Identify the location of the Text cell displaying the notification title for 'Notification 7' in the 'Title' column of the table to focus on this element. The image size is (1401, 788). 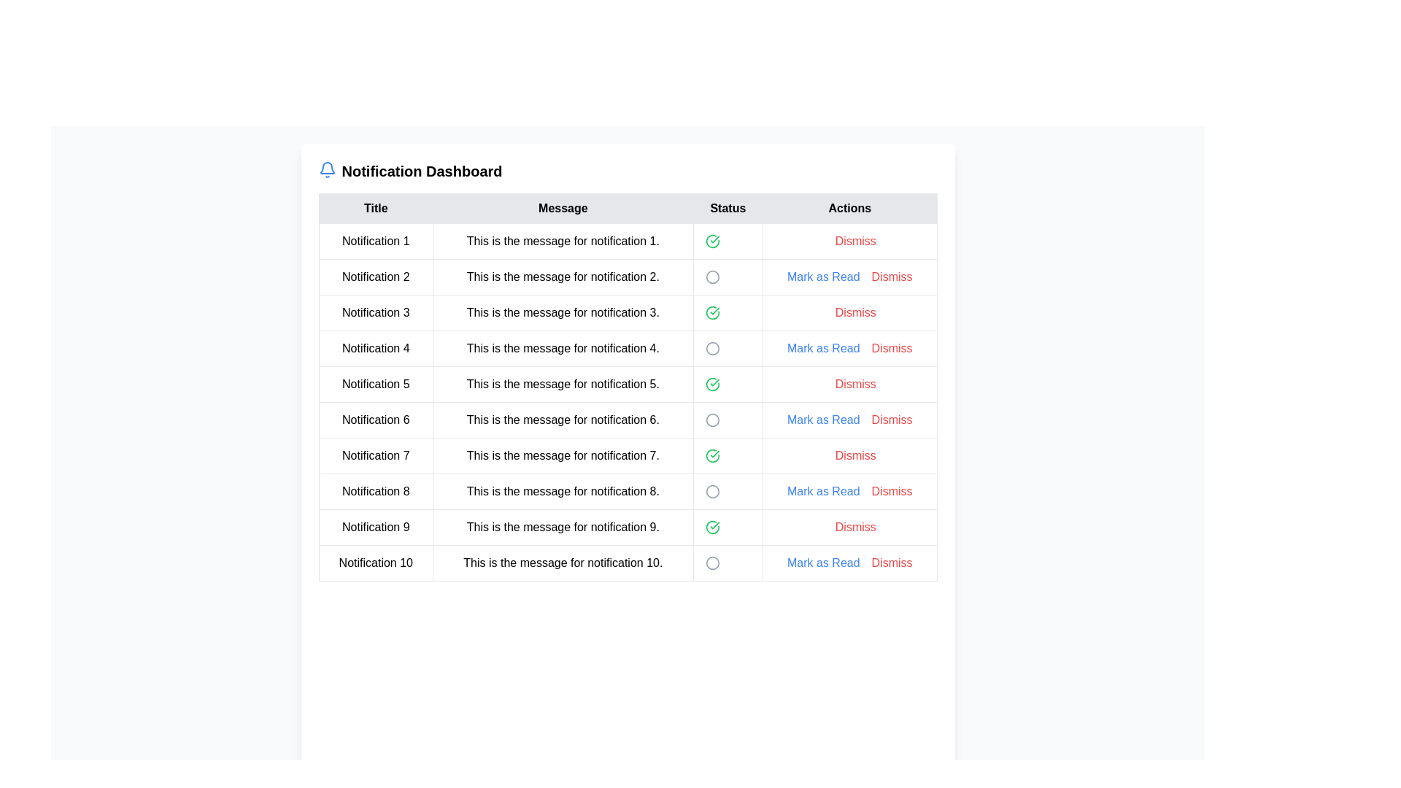
(376, 455).